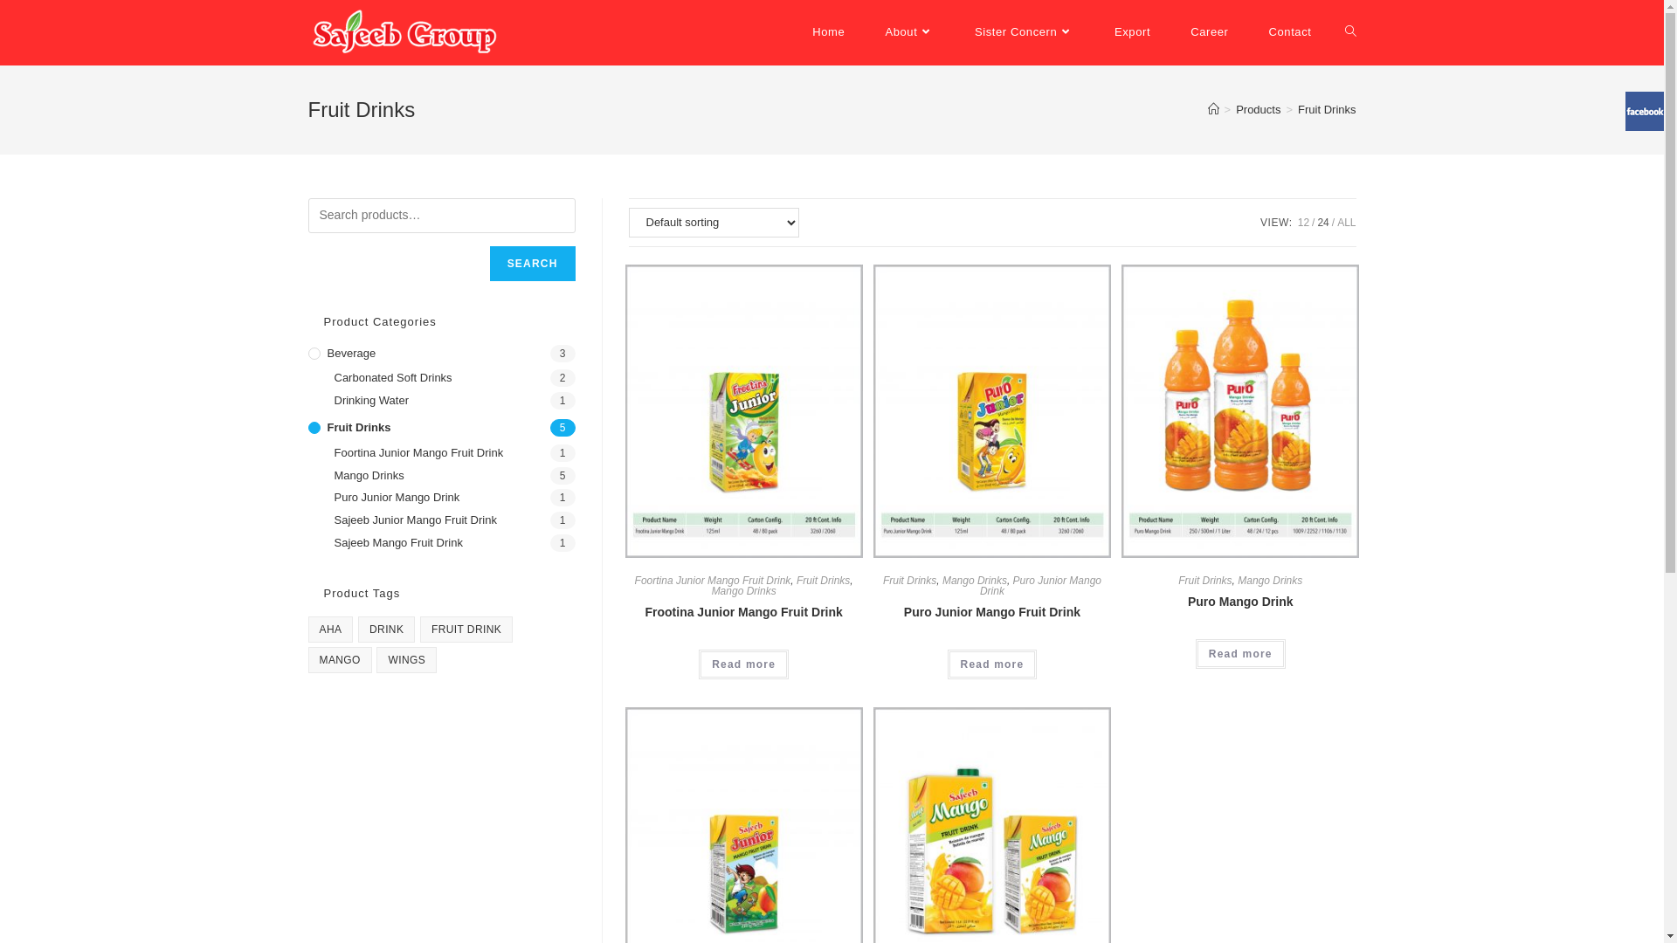 This screenshot has height=943, width=1677. I want to click on 'Home', so click(827, 32).